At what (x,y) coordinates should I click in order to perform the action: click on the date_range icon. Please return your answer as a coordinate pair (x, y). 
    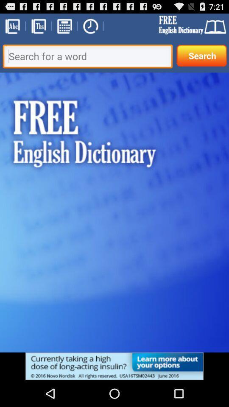
    Looking at the image, I should click on (64, 28).